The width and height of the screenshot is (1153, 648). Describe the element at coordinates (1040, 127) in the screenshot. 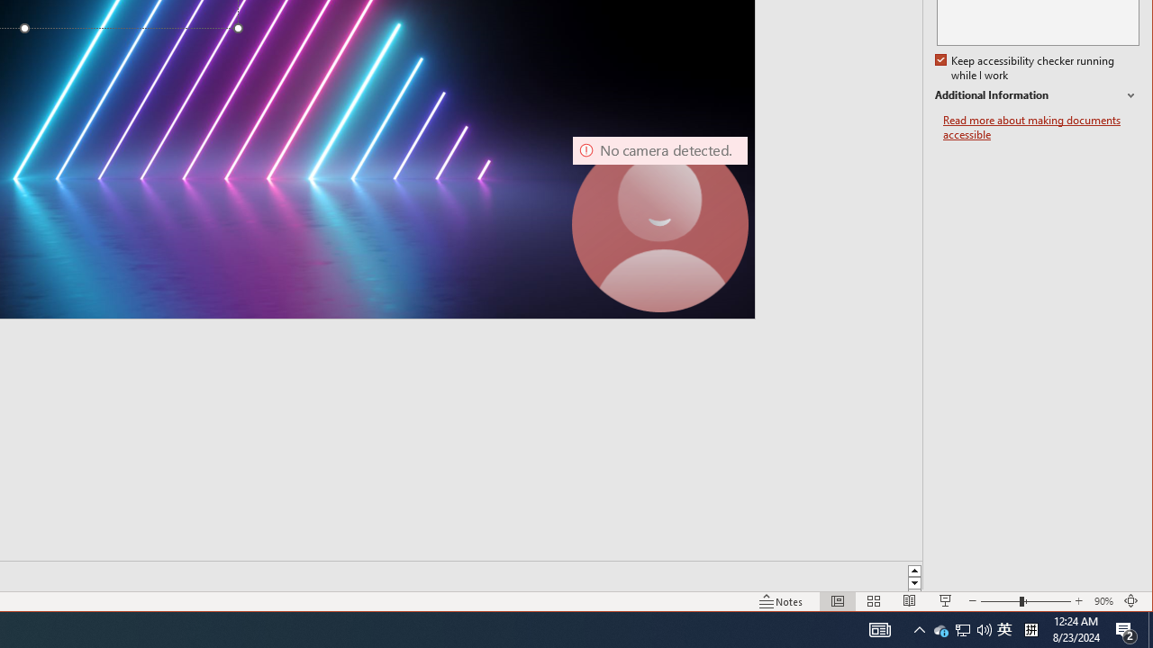

I see `'Read more about making documents accessible'` at that location.